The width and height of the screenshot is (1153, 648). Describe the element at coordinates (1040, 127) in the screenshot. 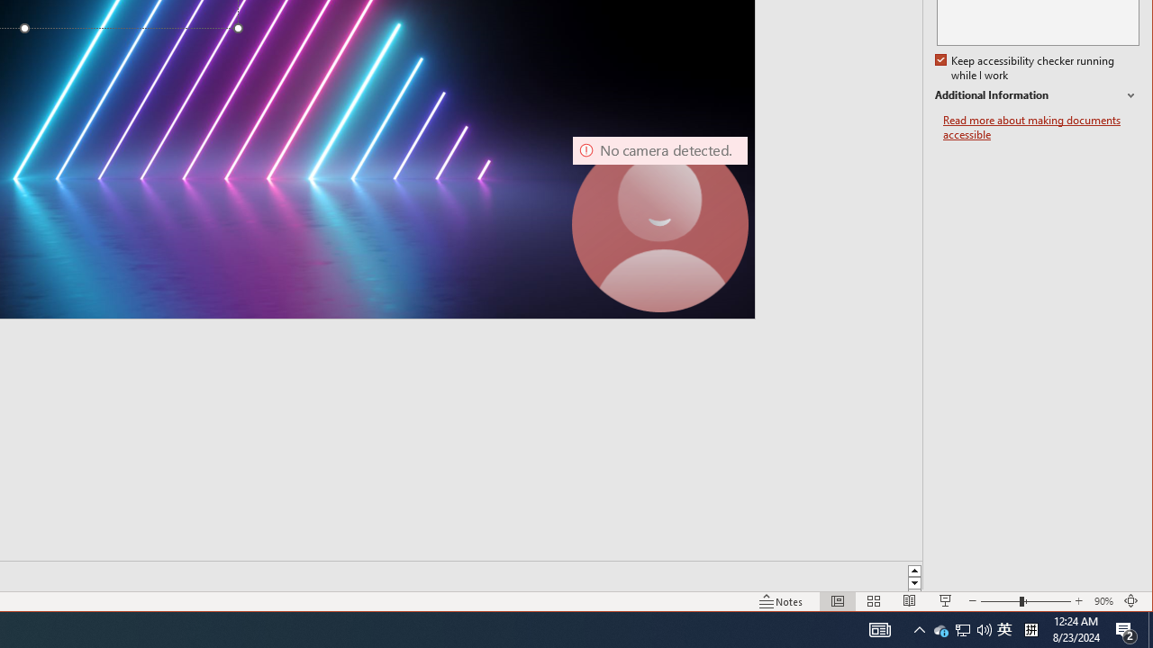

I see `'Read more about making documents accessible'` at that location.